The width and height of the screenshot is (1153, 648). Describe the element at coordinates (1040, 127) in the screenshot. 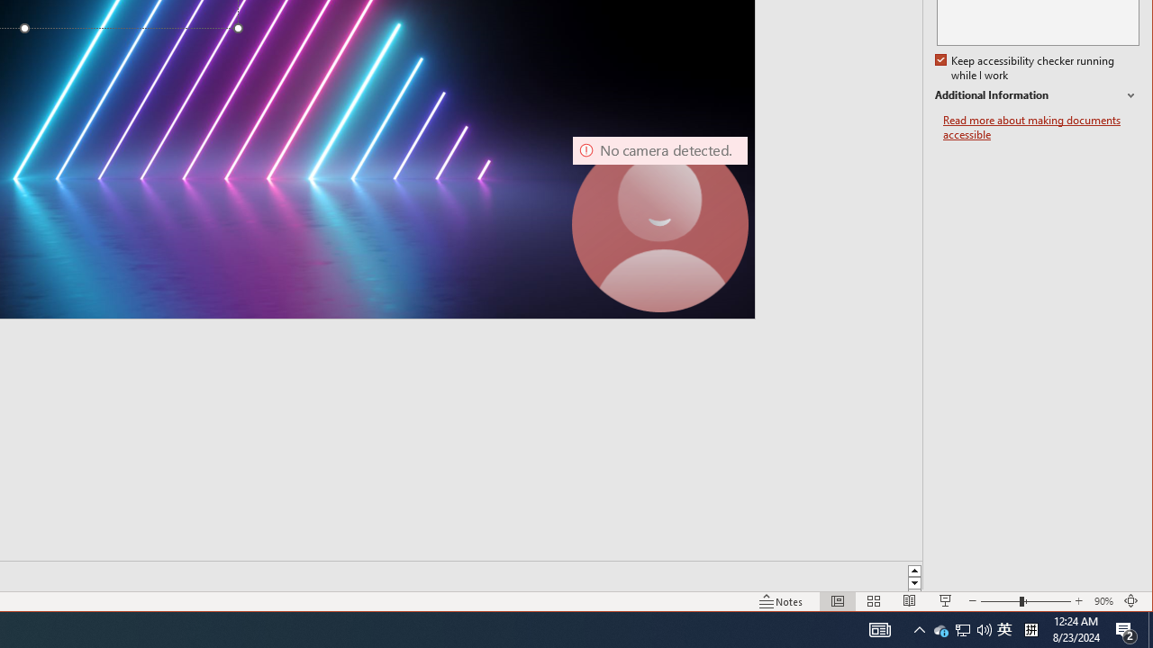

I see `'Read more about making documents accessible'` at that location.